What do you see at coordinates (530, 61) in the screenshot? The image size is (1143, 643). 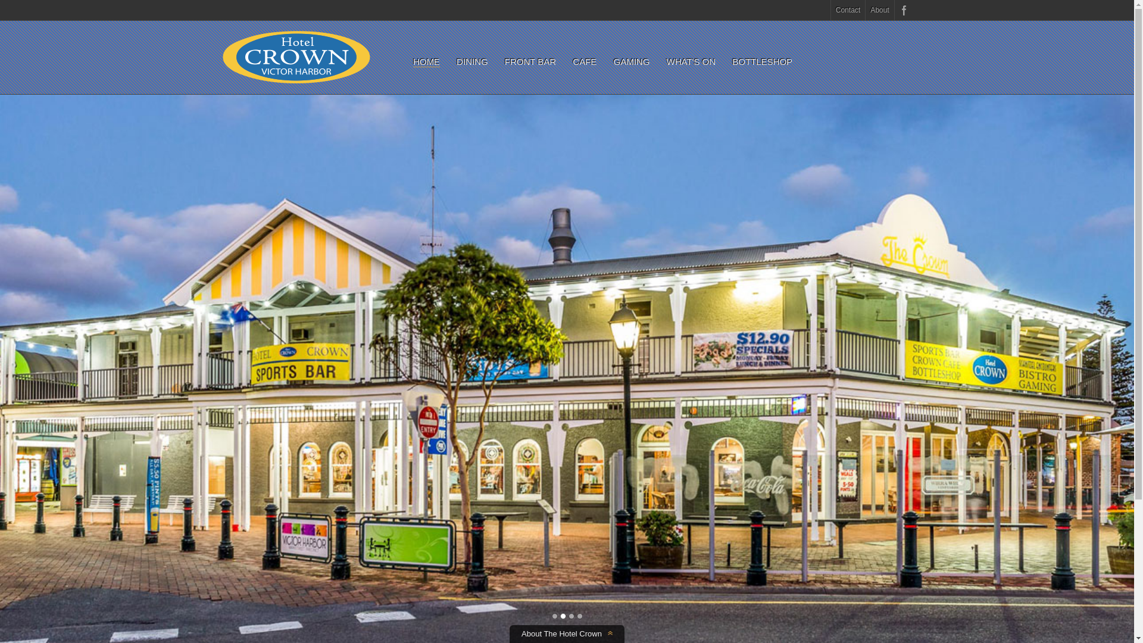 I see `'FRONT BAR'` at bounding box center [530, 61].